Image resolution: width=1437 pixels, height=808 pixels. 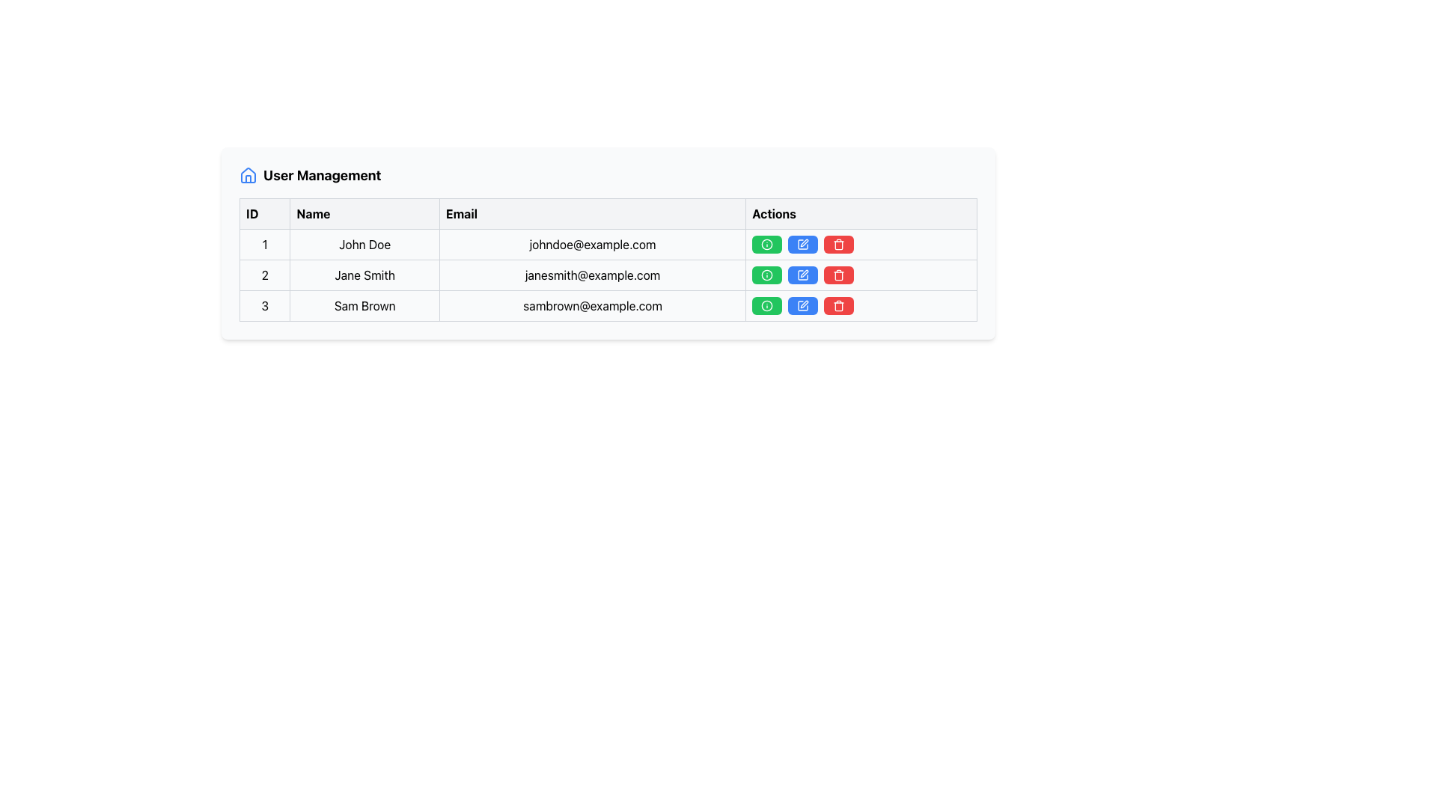 I want to click on the delete button located in the 'Actions' column of the first row of the table, so click(x=839, y=244).